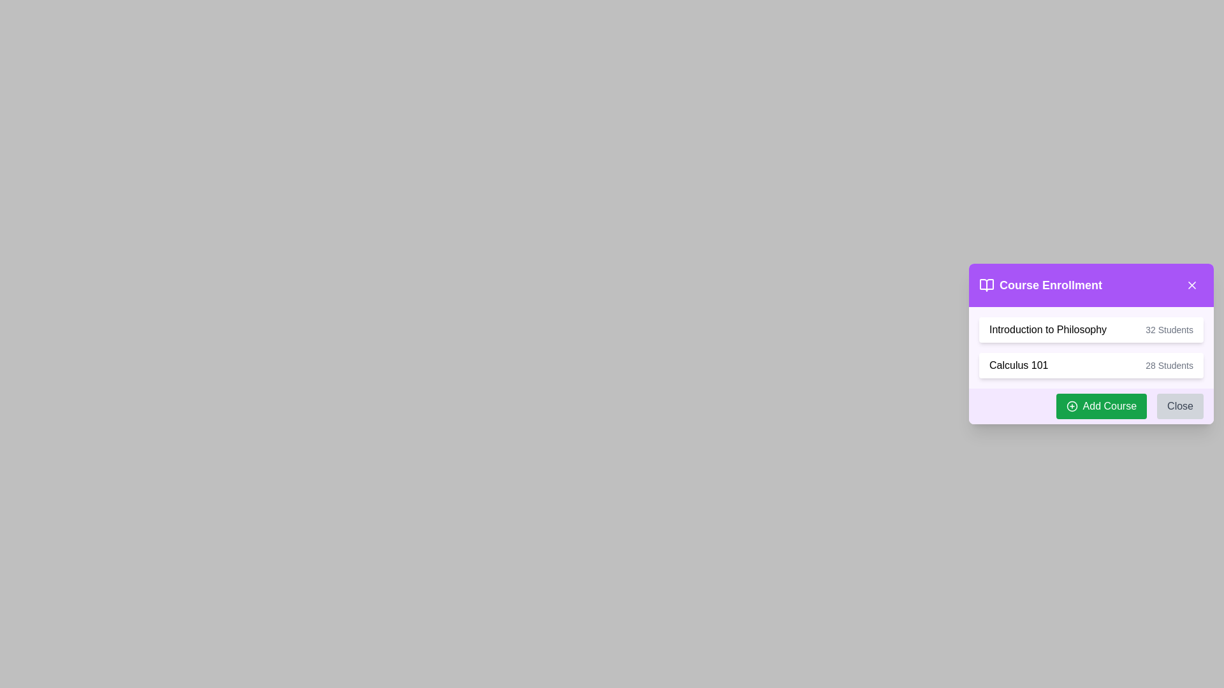 The image size is (1224, 688). I want to click on title text of the header located at the top of the modal, which includes an interactive 'close' button for dismissing the modal, so click(1091, 284).